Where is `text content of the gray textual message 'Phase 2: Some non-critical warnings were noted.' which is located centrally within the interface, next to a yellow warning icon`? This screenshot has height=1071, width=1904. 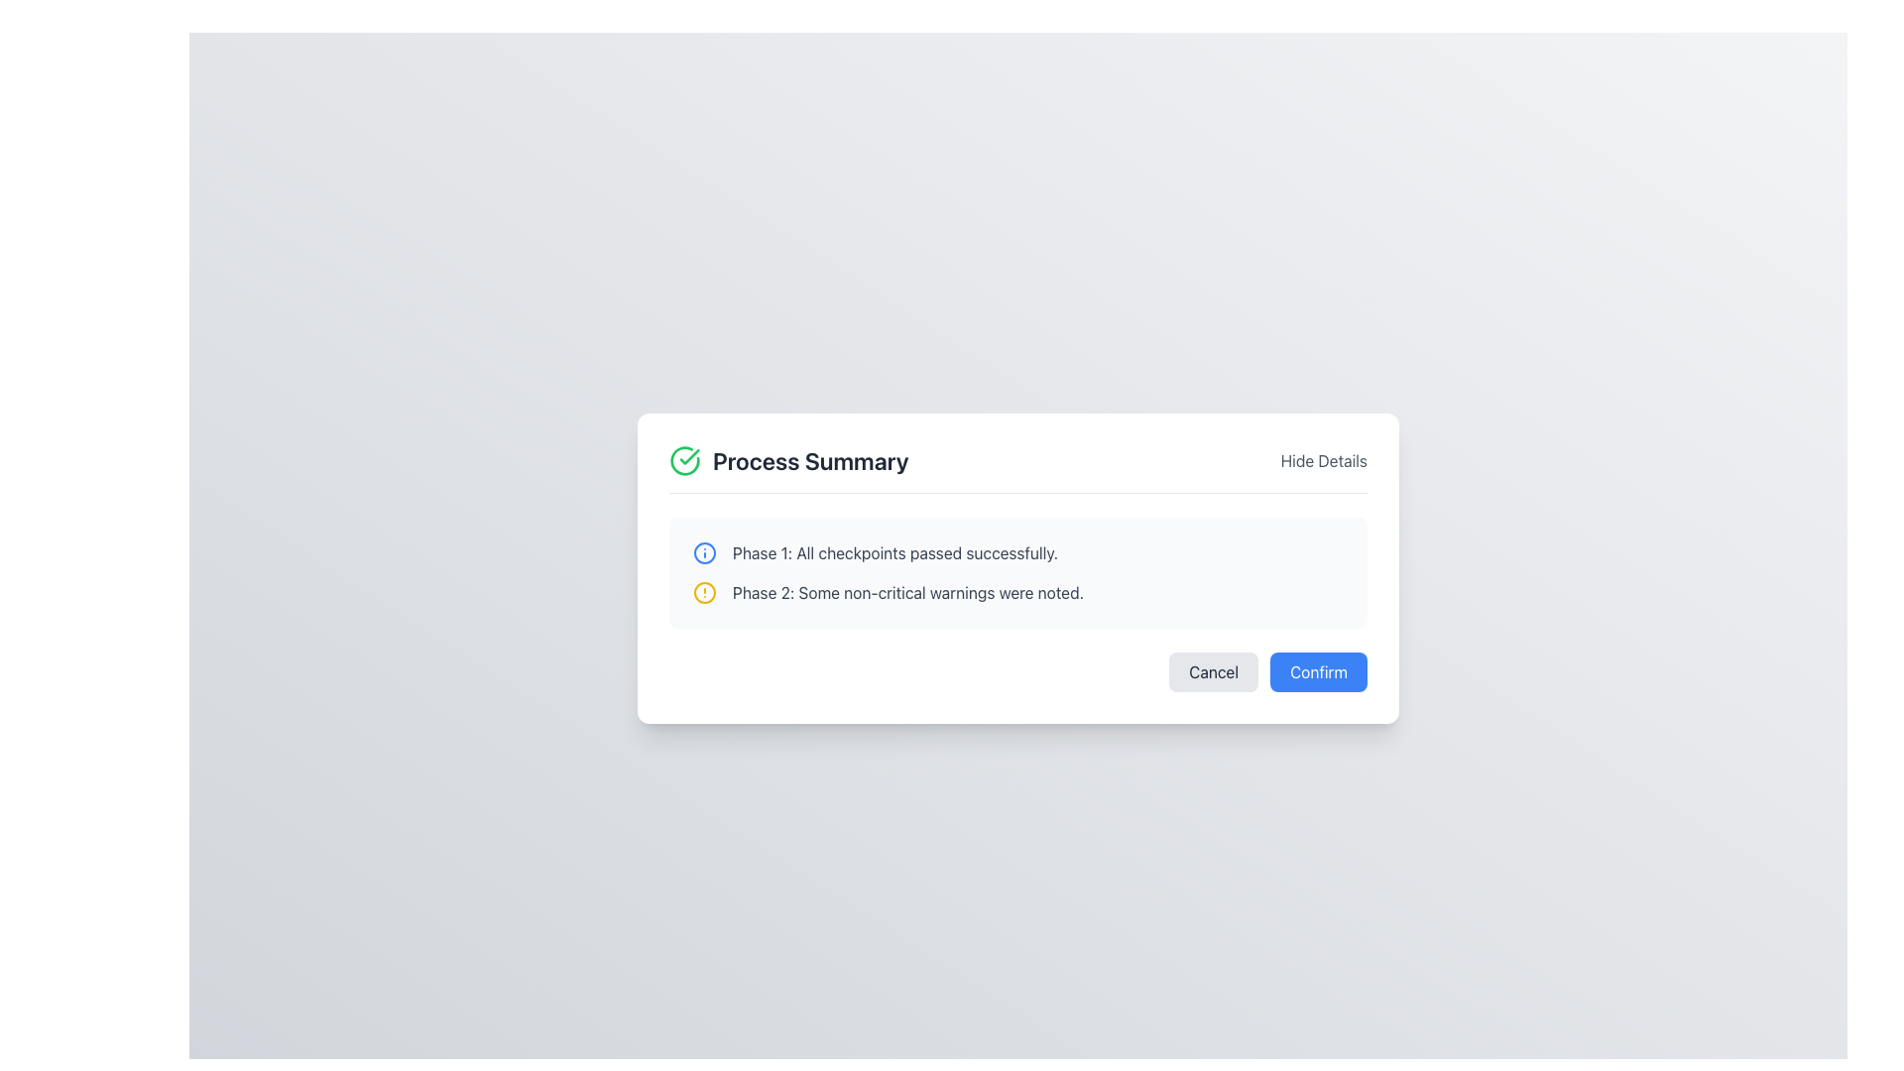 text content of the gray textual message 'Phase 2: Some non-critical warnings were noted.' which is located centrally within the interface, next to a yellow warning icon is located at coordinates (907, 591).